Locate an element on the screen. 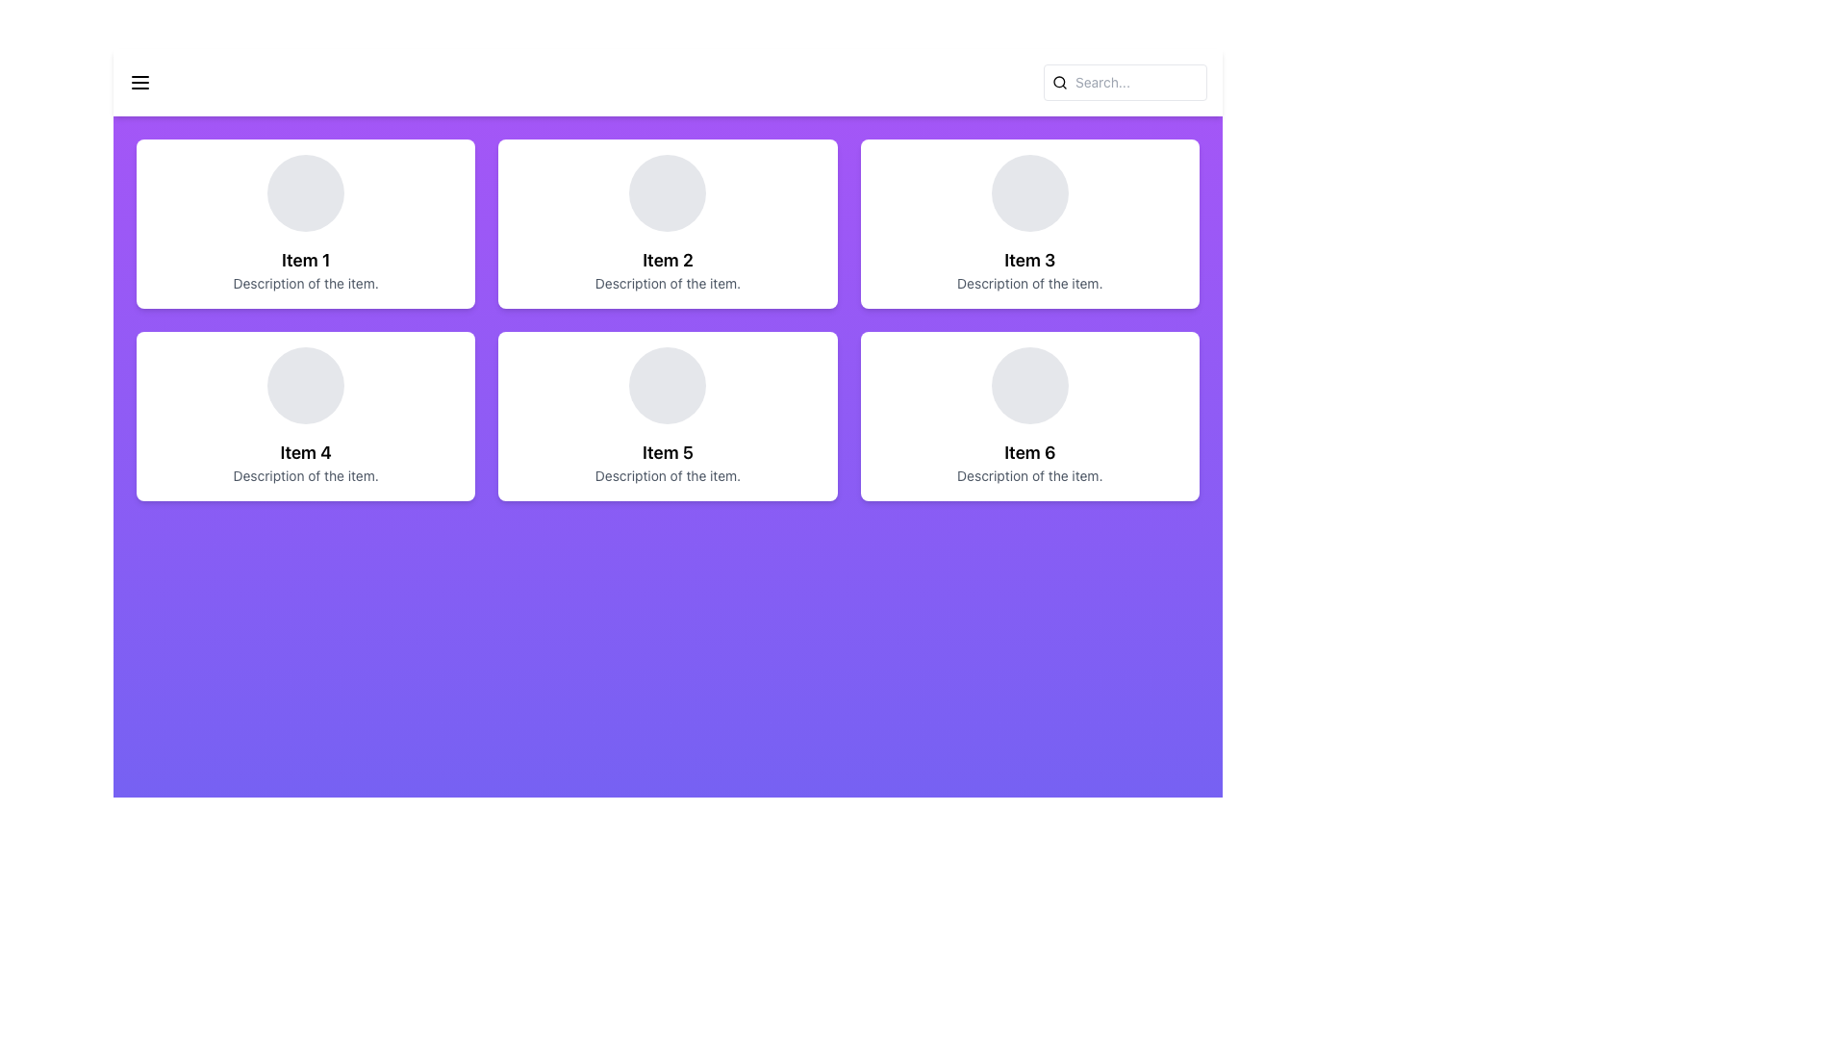  the circular graphic element located in the sixth item of the grid layout, which has a gray background and is styled with a smooth border is located at coordinates (1028, 386).